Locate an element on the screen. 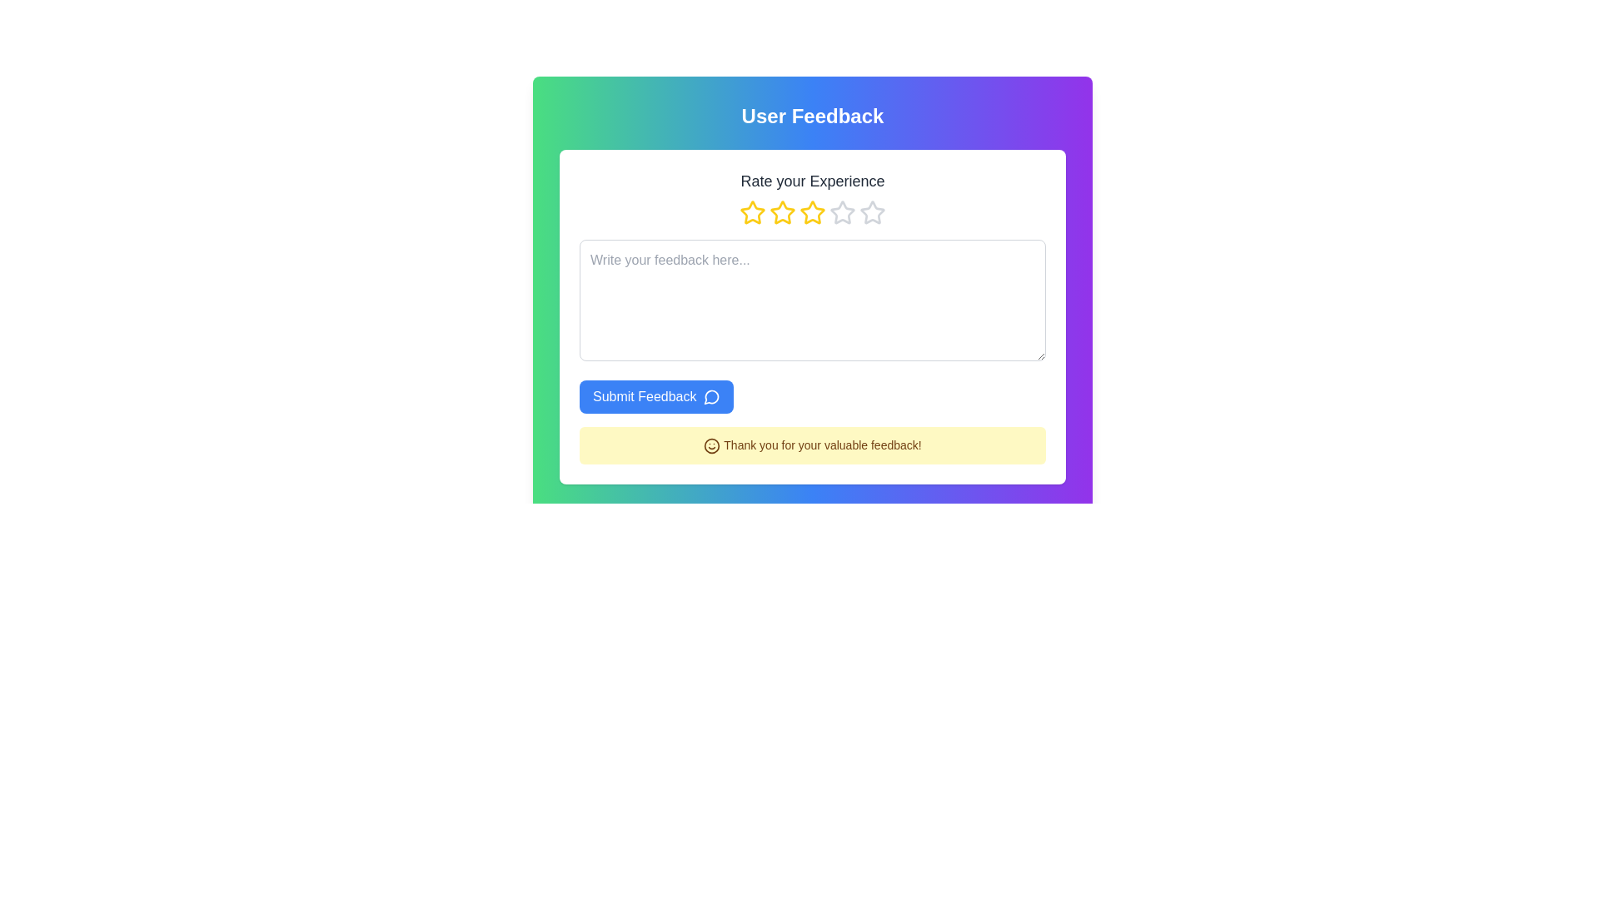  the Informational Message displaying 'Thank you for your valuable feedback!' with a smiling emoji, which is styled with a light yellow background and rounded borders, located below the 'Submit Feedback' button is located at coordinates (812, 445).